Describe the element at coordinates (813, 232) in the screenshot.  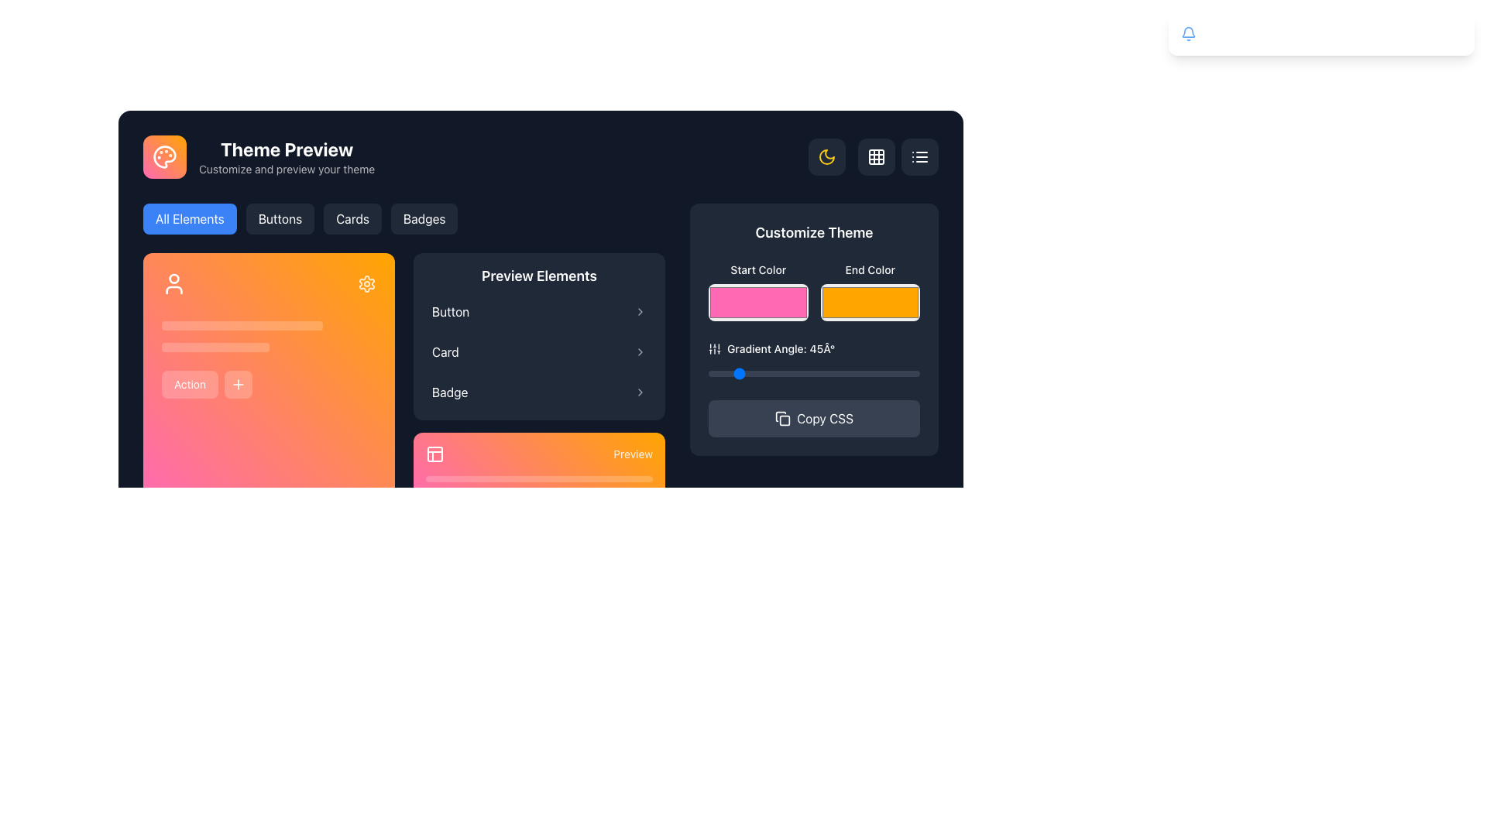
I see `the Text Label that serves as a title for the theme customization section, located in a rounded rectangle panel on the right side of the interface` at that location.